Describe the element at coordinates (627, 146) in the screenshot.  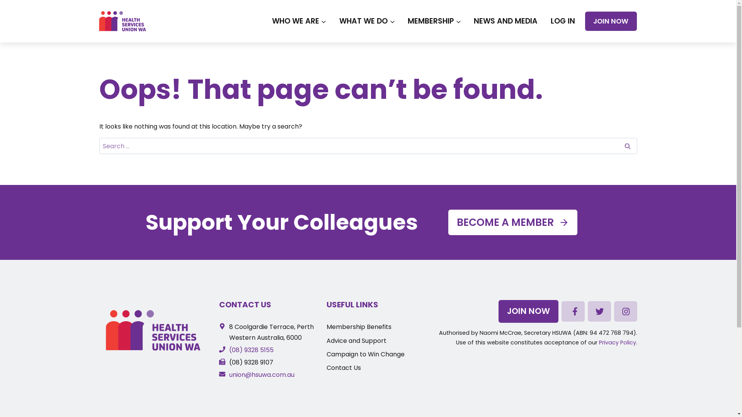
I see `'Search'` at that location.